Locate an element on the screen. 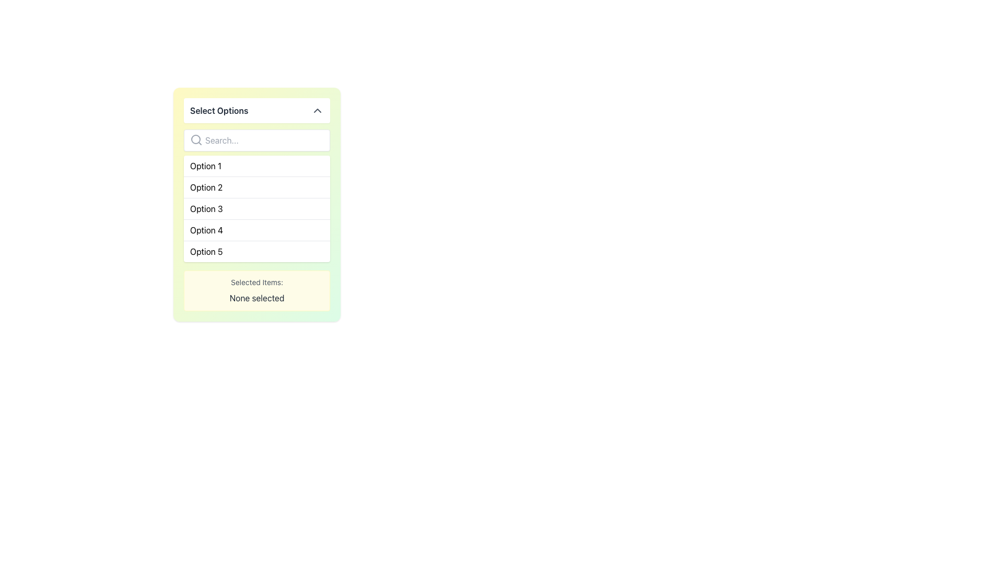 The width and height of the screenshot is (1003, 564). the 'Option 3' text label in the dropdown menu is located at coordinates (206, 209).